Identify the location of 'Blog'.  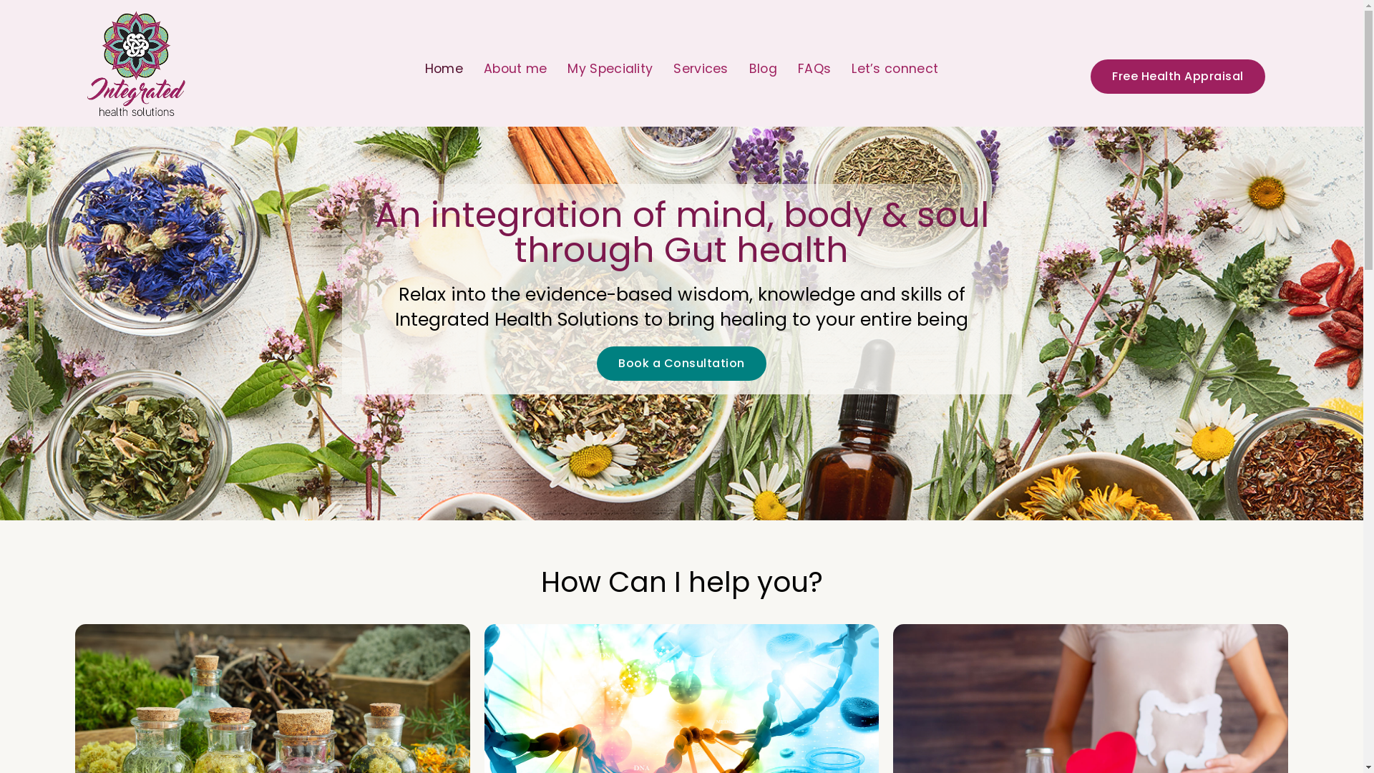
(762, 69).